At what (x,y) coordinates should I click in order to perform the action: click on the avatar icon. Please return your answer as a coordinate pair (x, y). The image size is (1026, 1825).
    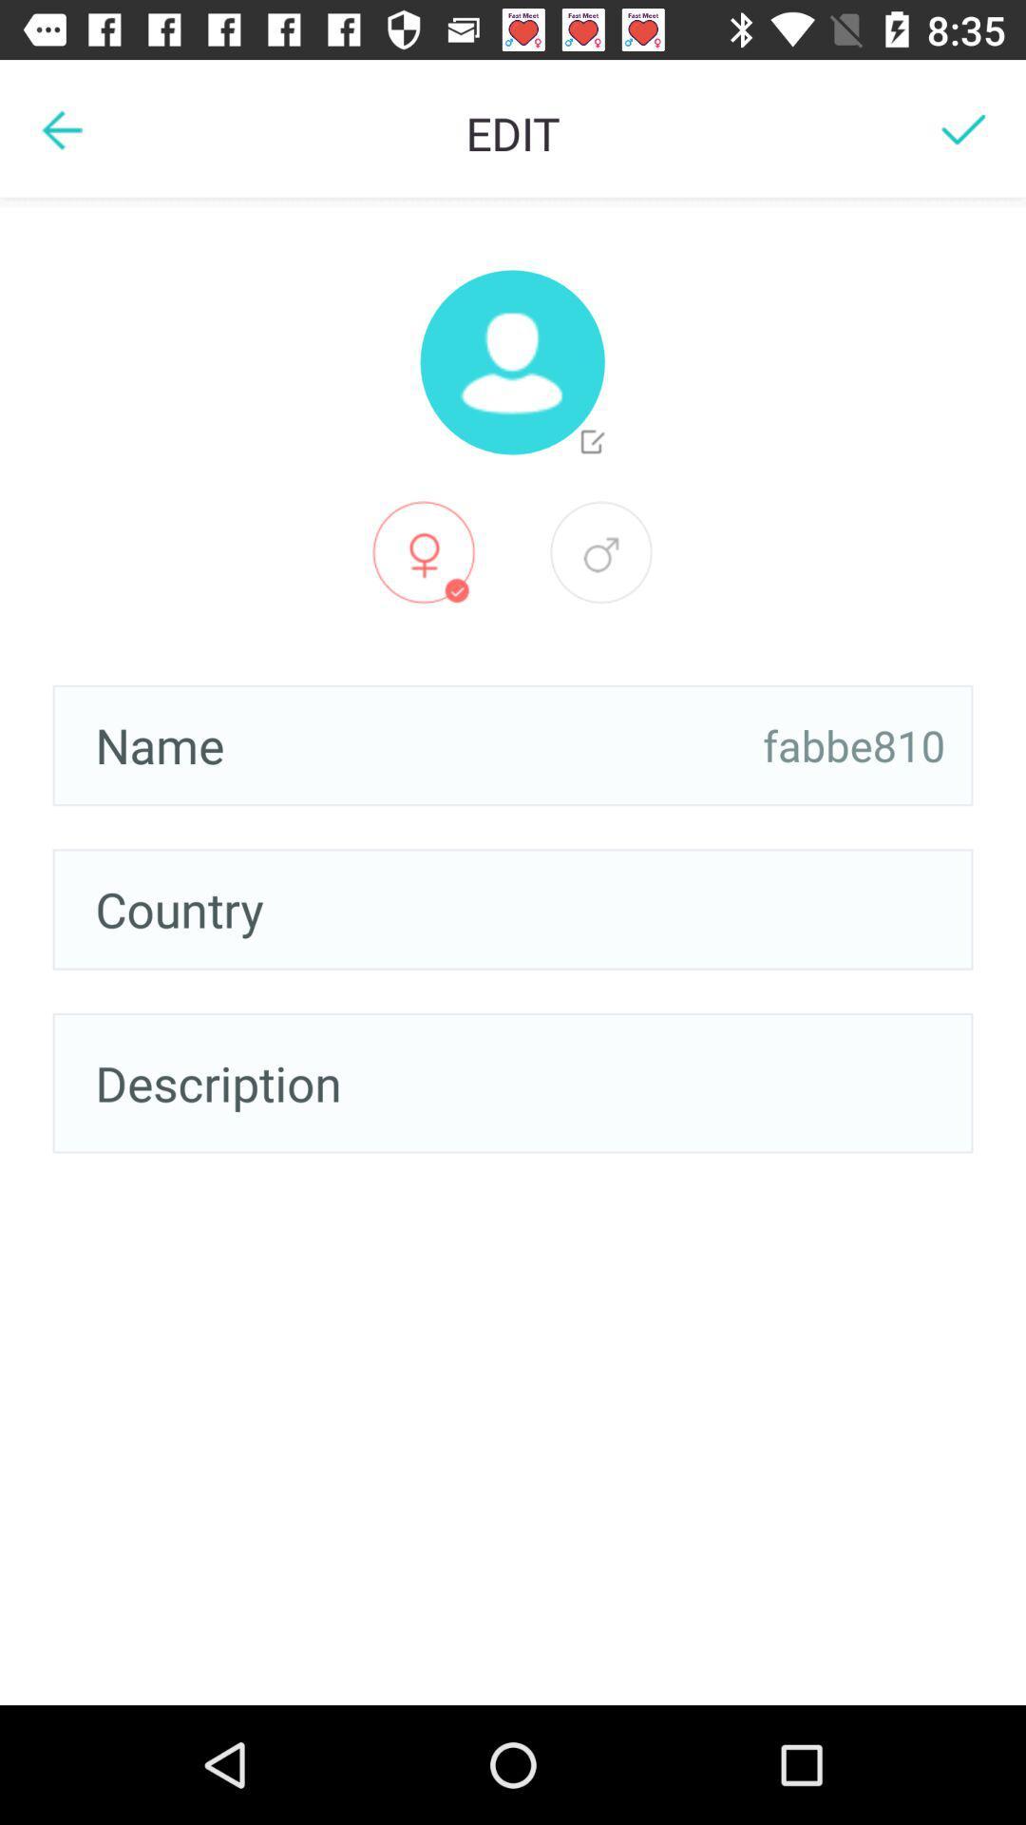
    Looking at the image, I should click on (511, 362).